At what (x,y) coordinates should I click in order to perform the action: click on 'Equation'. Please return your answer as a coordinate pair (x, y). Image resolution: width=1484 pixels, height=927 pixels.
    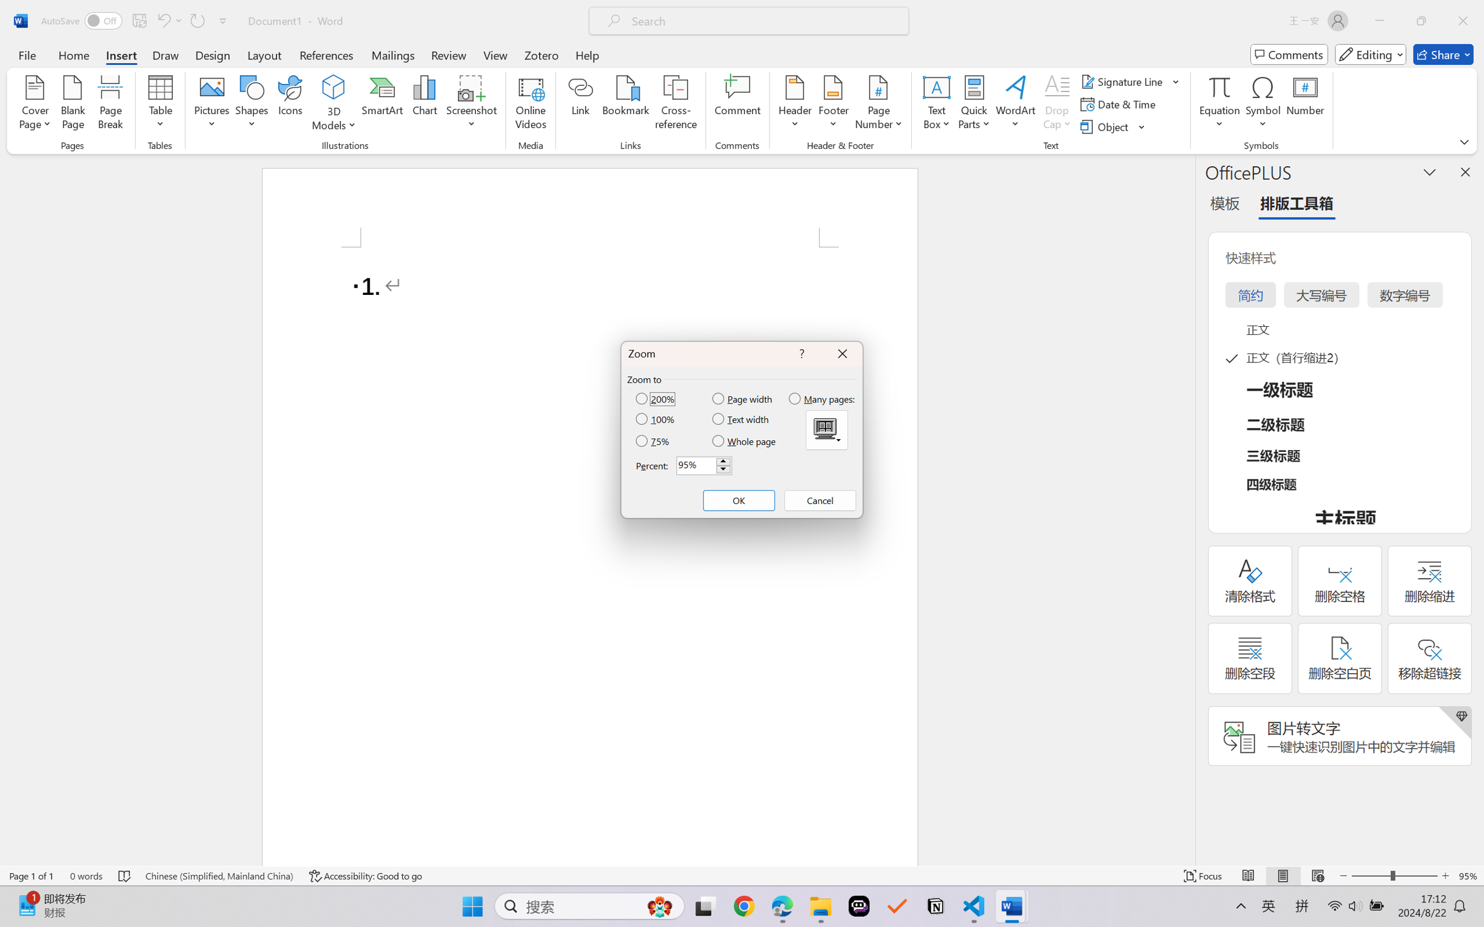
    Looking at the image, I should click on (1219, 104).